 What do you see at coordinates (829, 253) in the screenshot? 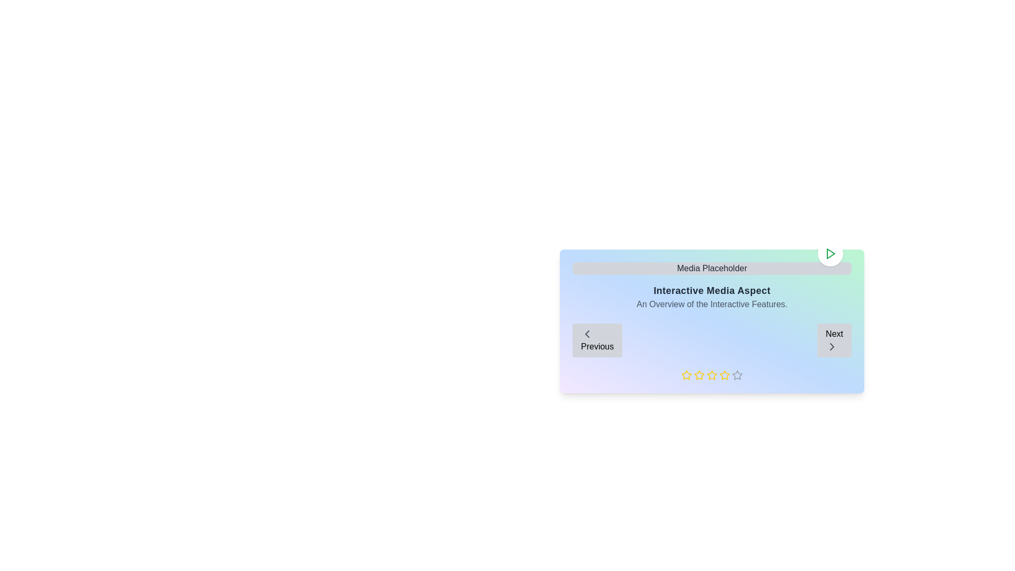
I see `the play button icon located in the bottom-right corner of the interface` at bounding box center [829, 253].